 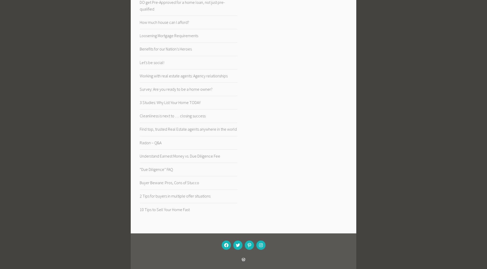 I want to click on 'Loosening Mortgage Requirements', so click(x=139, y=35).